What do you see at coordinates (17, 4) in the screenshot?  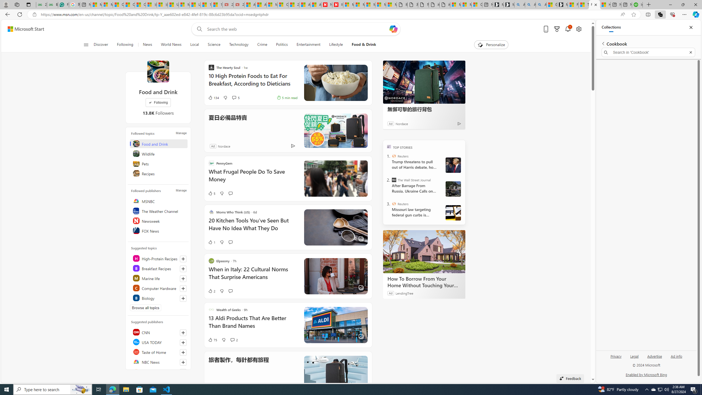 I see `'Workspaces'` at bounding box center [17, 4].